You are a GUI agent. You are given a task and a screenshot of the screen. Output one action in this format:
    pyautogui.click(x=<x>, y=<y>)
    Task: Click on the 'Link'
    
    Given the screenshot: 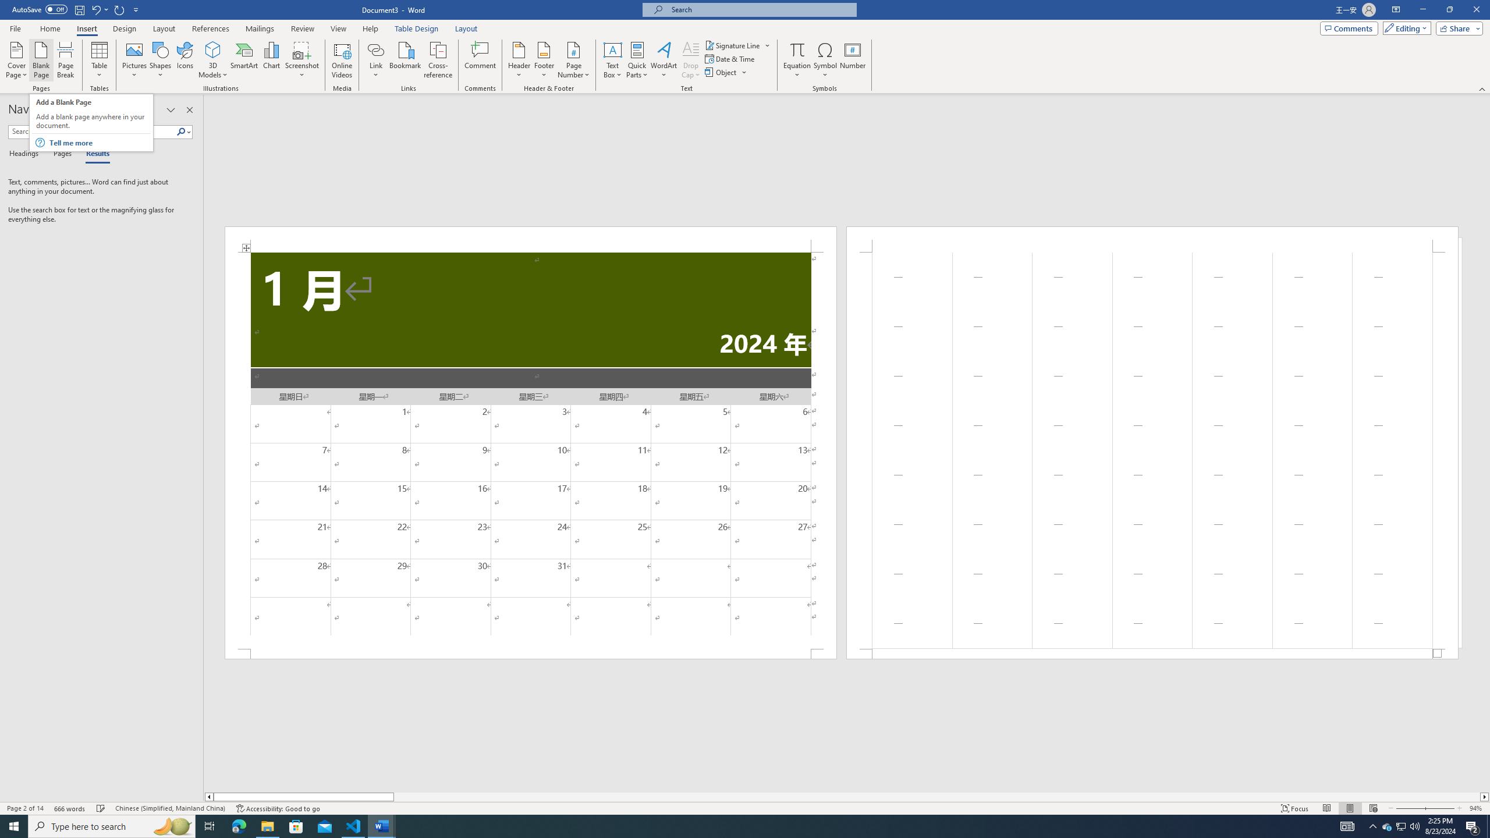 What is the action you would take?
    pyautogui.click(x=375, y=60)
    